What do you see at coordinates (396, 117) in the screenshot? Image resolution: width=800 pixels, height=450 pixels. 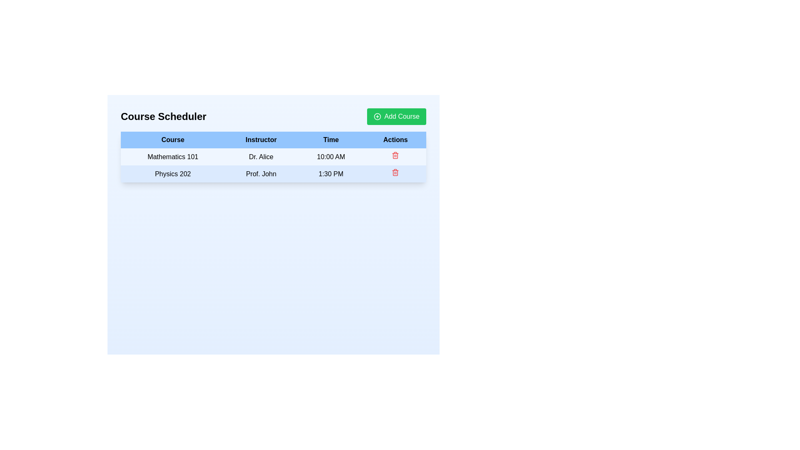 I see `the button in the upper-right corner of the 'Course Scheduler' section` at bounding box center [396, 117].